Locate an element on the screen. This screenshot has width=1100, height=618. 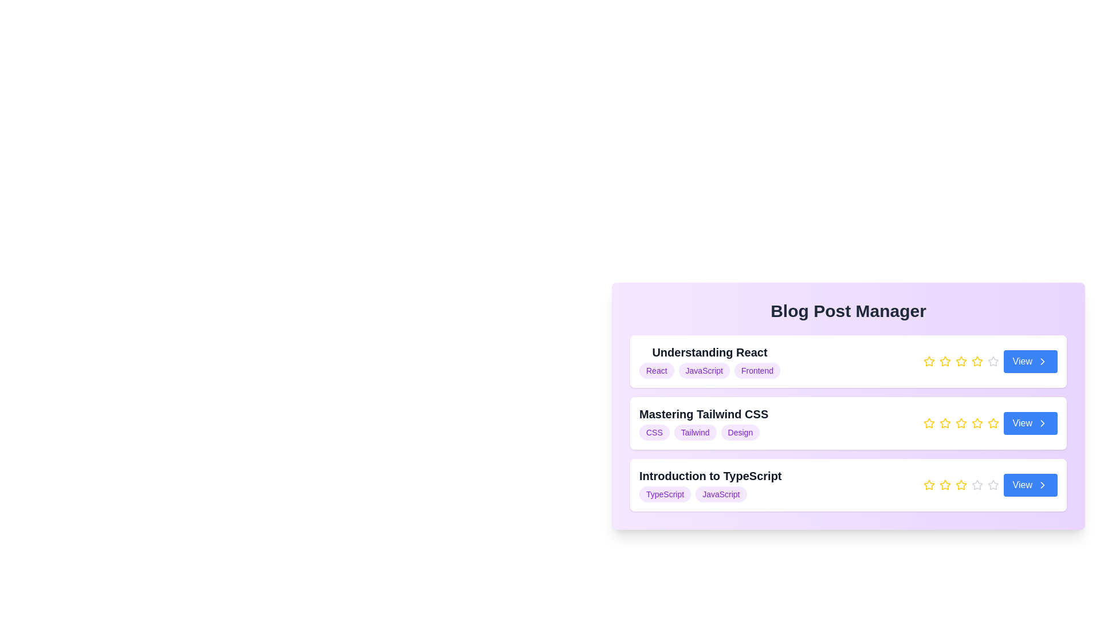
the third star icon in the rating system for the item labeled 'Mastering Tailwind CSS' is located at coordinates (929, 423).